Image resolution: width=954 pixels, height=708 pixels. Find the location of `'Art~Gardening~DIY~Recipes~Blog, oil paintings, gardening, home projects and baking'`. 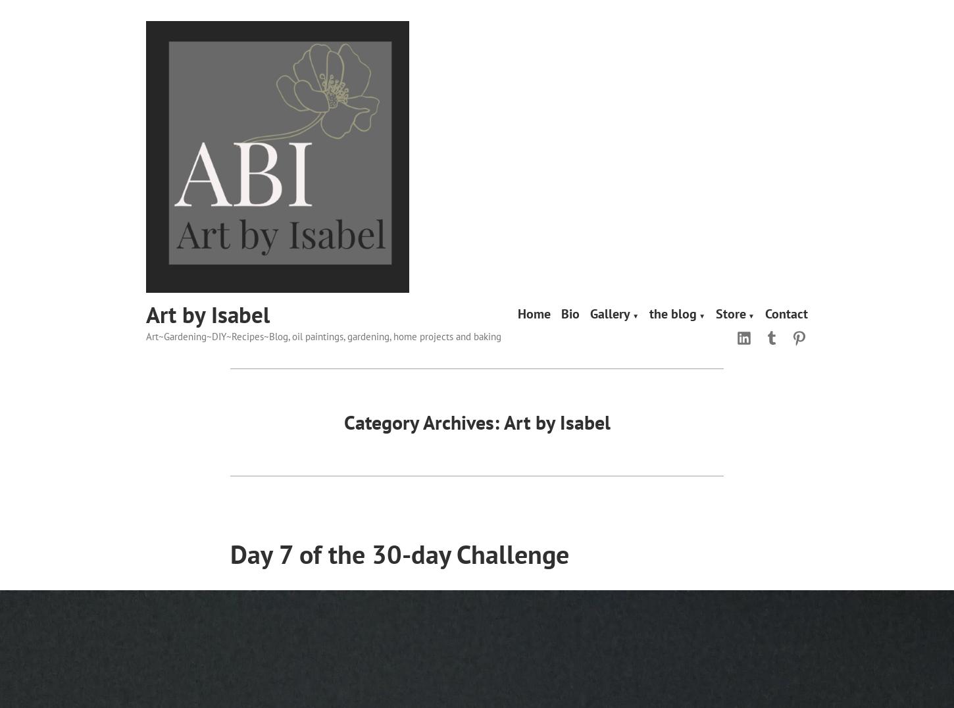

'Art~Gardening~DIY~Recipes~Blog, oil paintings, gardening, home projects and baking' is located at coordinates (323, 336).